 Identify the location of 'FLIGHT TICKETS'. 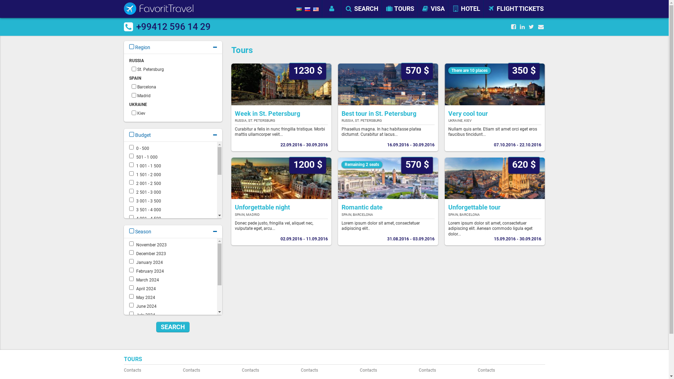
(515, 8).